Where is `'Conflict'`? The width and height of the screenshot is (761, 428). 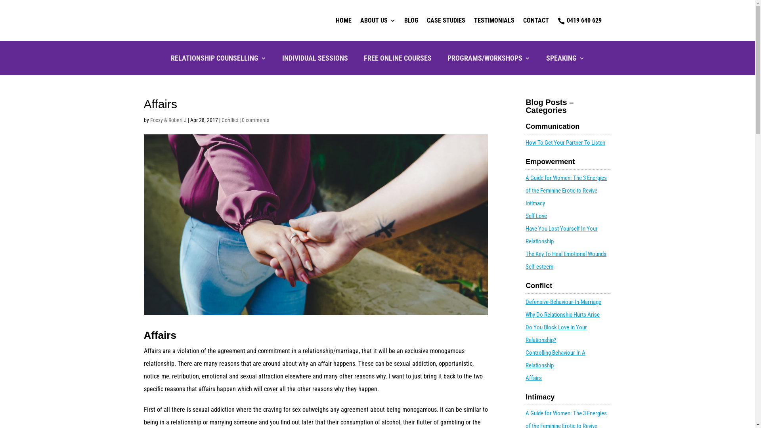 'Conflict' is located at coordinates (229, 120).